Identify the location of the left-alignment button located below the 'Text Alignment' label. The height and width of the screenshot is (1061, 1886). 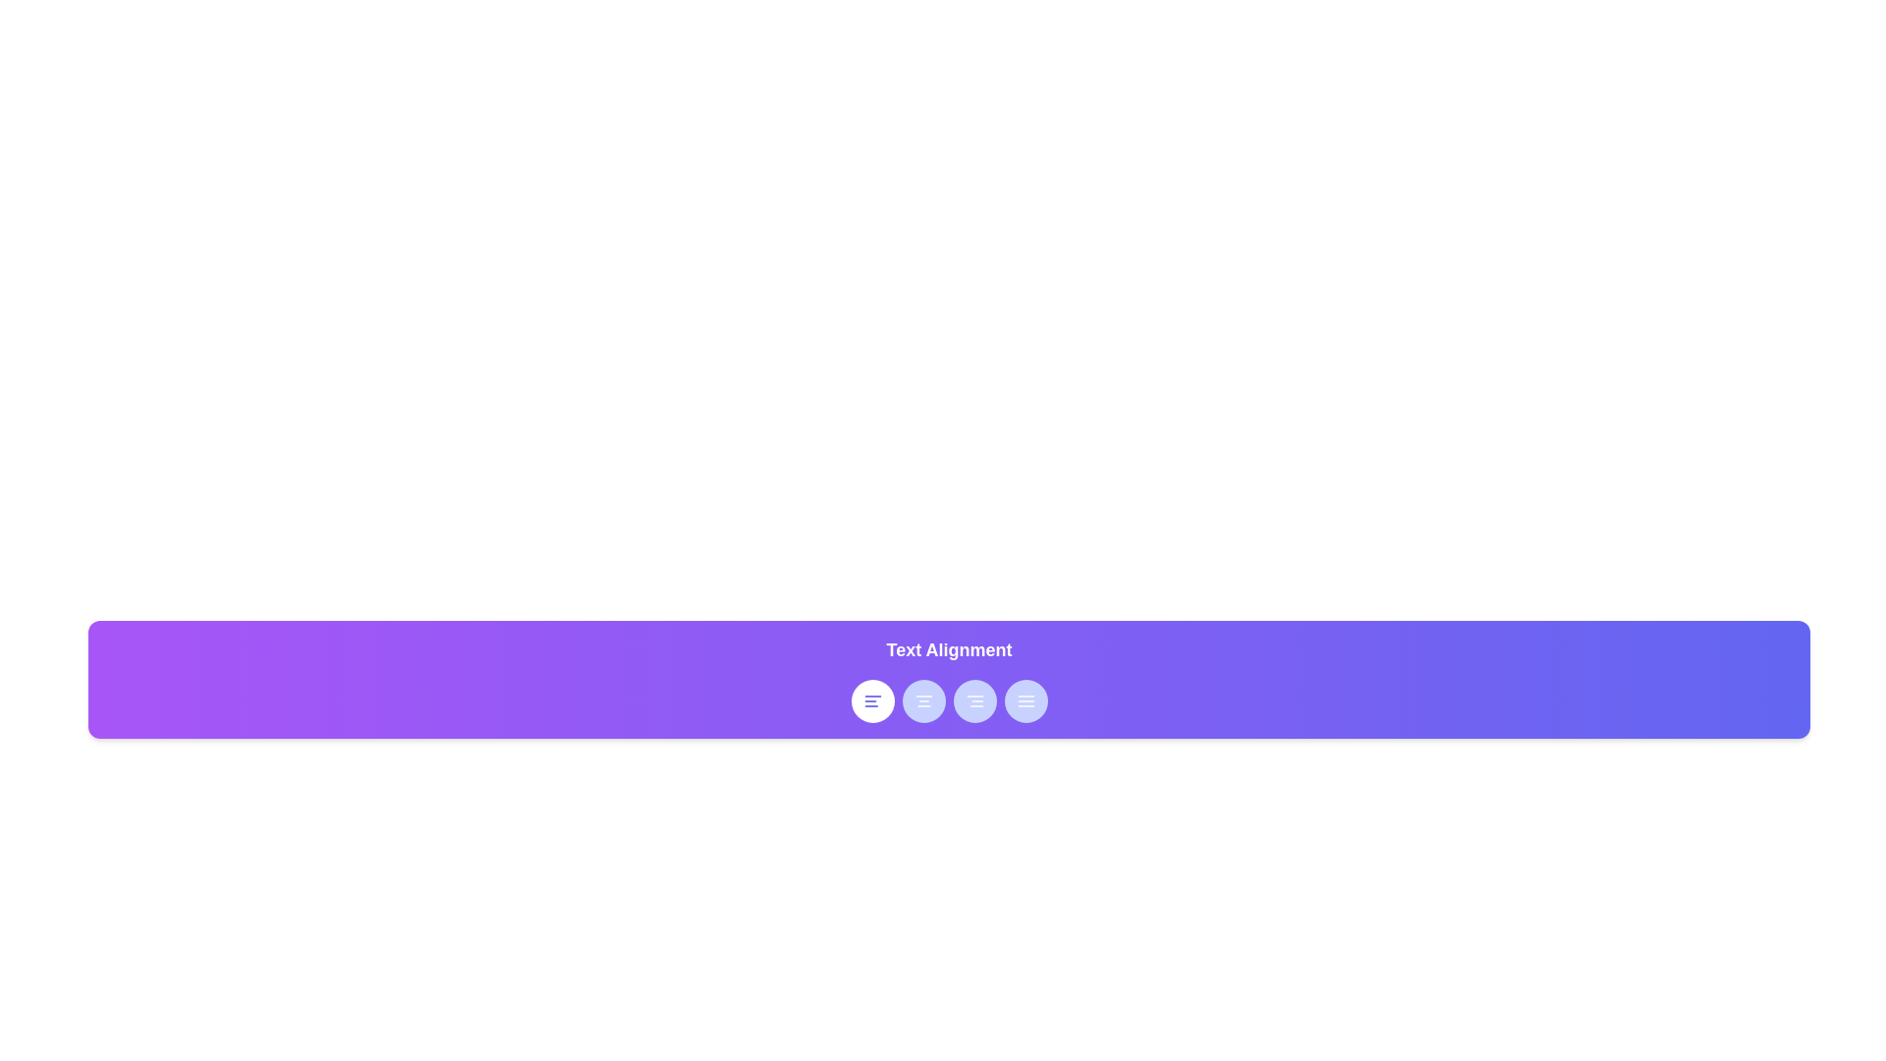
(871, 699).